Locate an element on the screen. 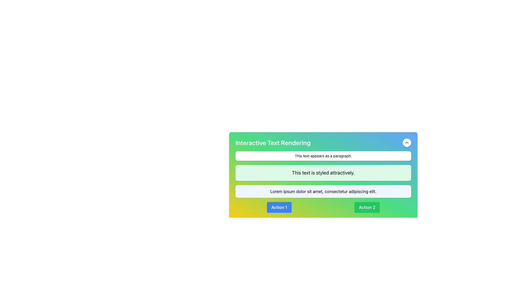  the static text display containing 'Lorem ipsum dolor sit amet, consectetur adipiscing elit.' which is styled with a light blue background and rounded corners is located at coordinates (323, 191).